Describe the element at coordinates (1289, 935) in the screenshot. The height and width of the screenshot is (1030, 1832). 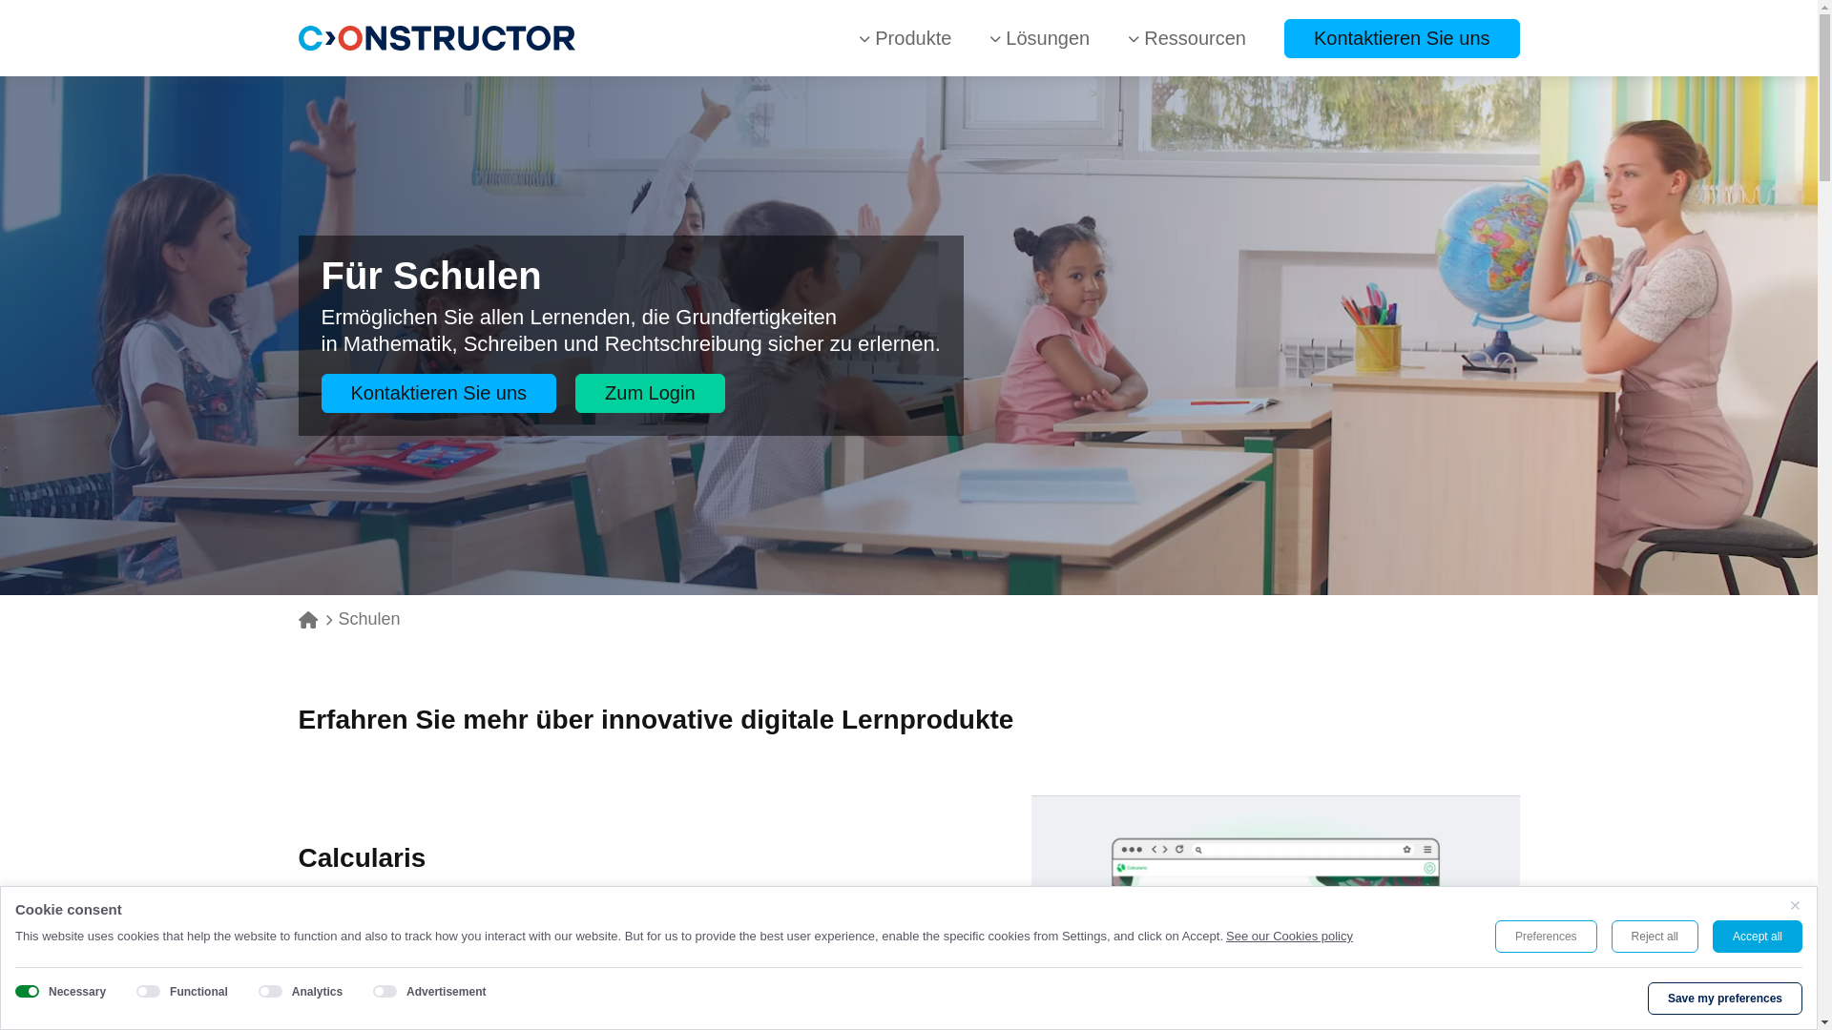
I see `'See our Cookies policy'` at that location.